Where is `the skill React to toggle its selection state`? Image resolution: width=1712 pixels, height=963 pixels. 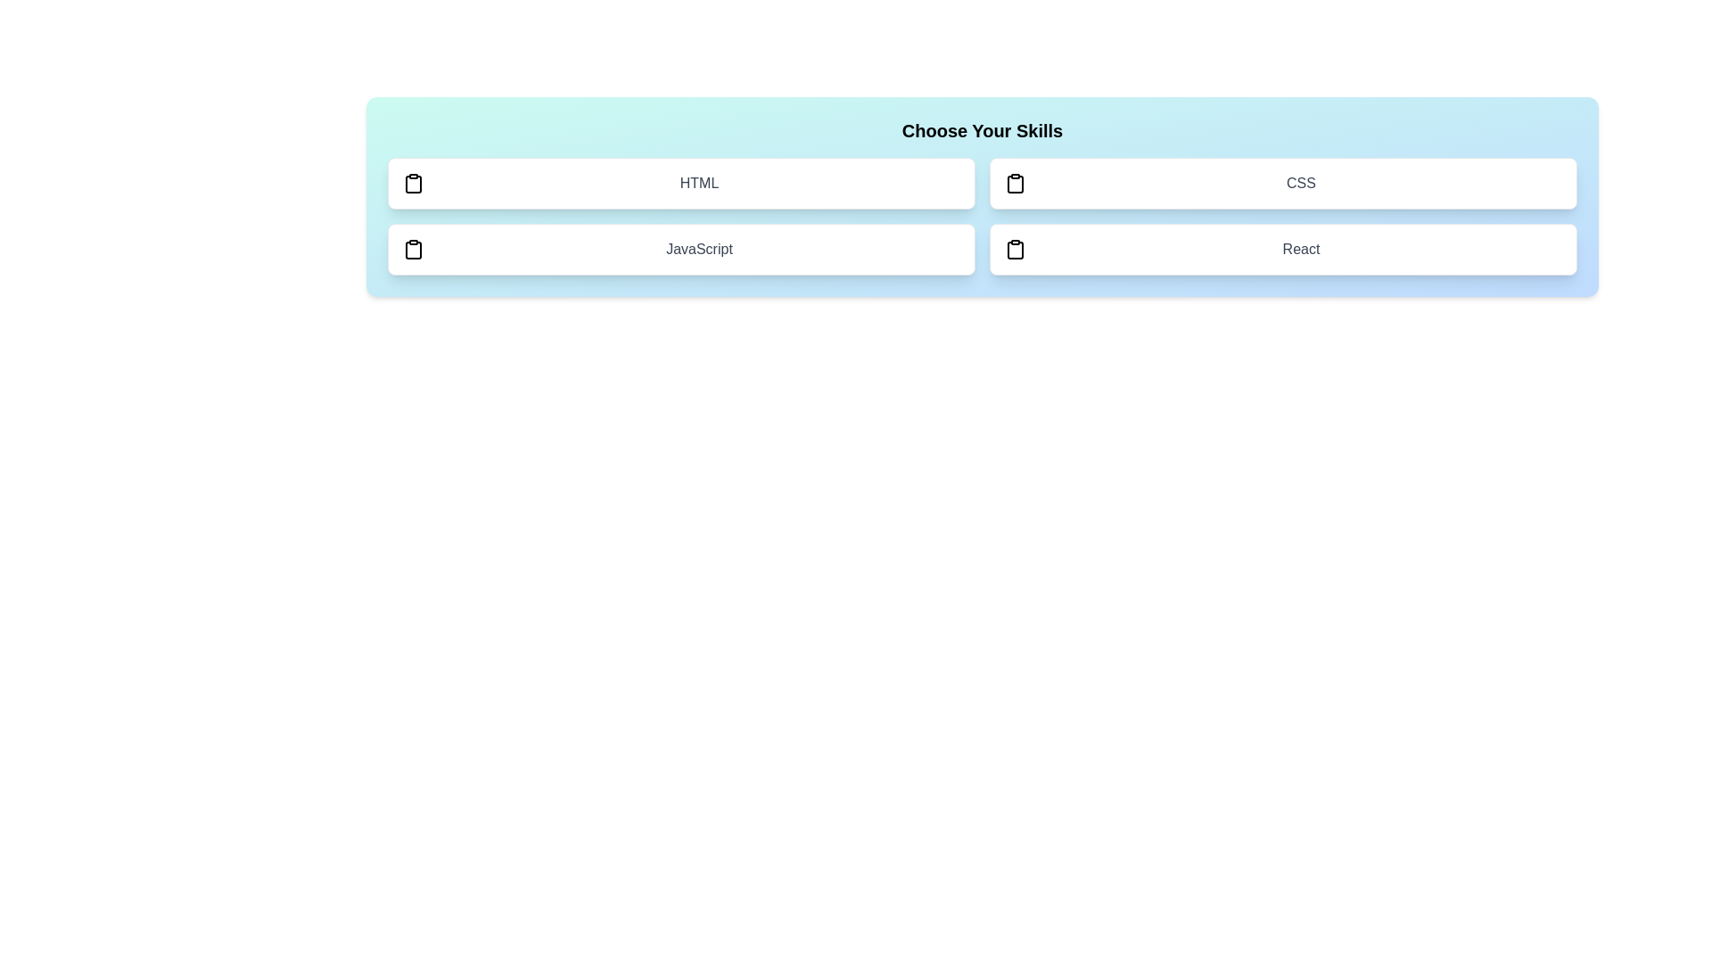
the skill React to toggle its selection state is located at coordinates (1282, 250).